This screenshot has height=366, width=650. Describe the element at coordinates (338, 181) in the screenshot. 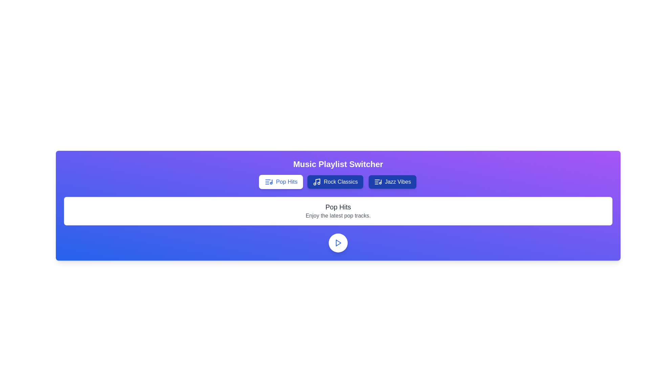

I see `the 'Rock Classics' button, which is a rectangular button with a dark blue background and white text, located under the 'Music Playlist Switcher' title` at that location.